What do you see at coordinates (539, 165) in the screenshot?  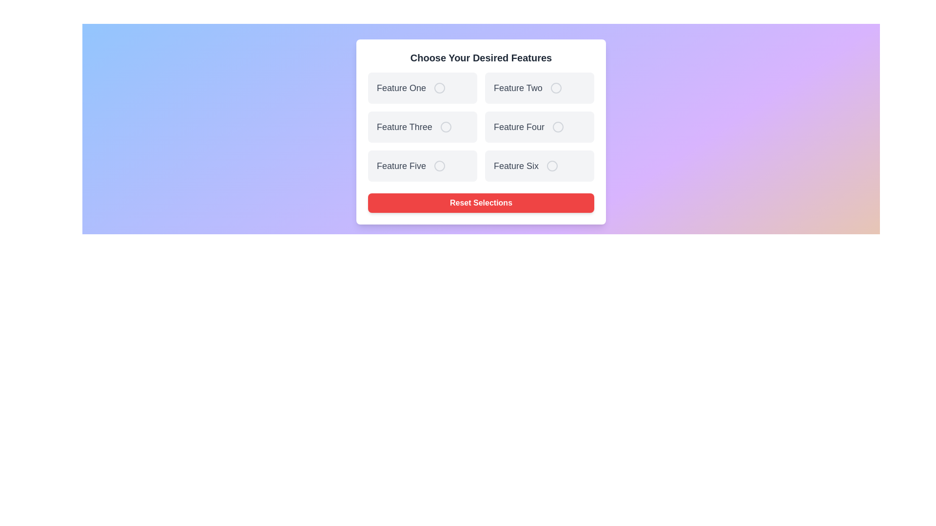 I see `the feature card labeled Feature Six to observe visual feedback` at bounding box center [539, 165].